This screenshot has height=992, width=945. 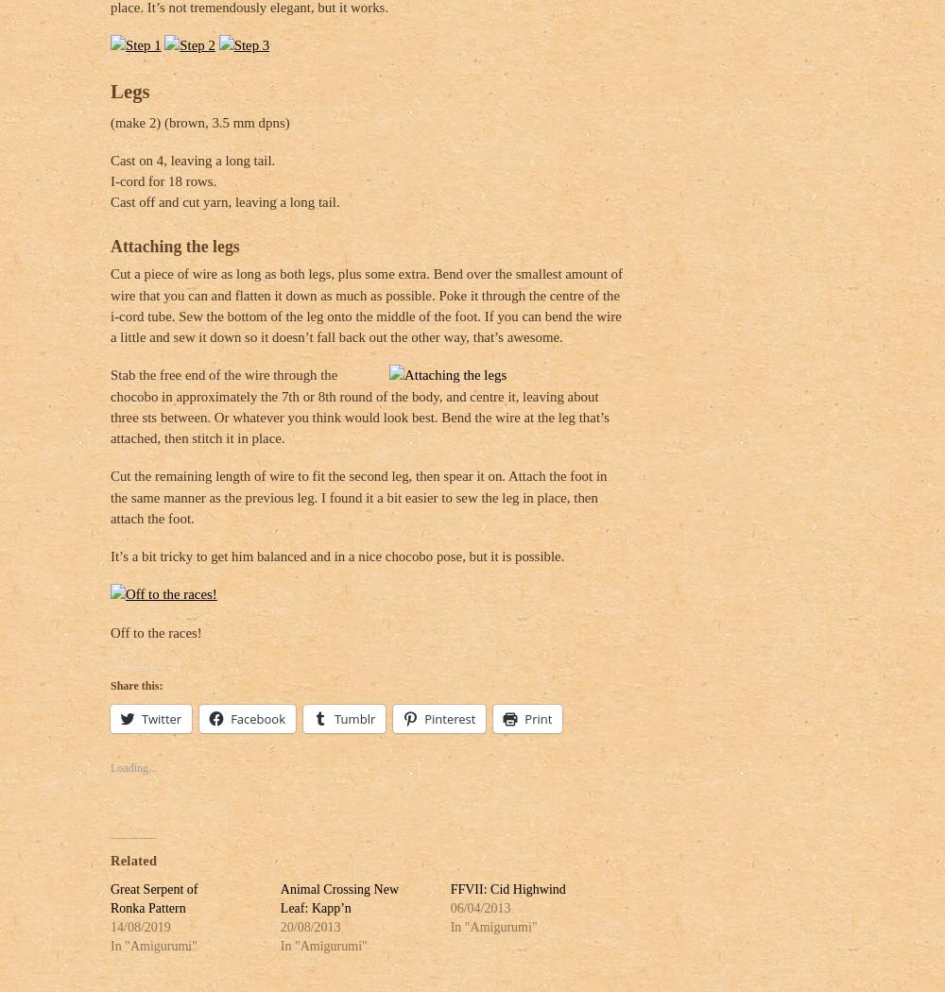 I want to click on 'Related', so click(x=133, y=854).